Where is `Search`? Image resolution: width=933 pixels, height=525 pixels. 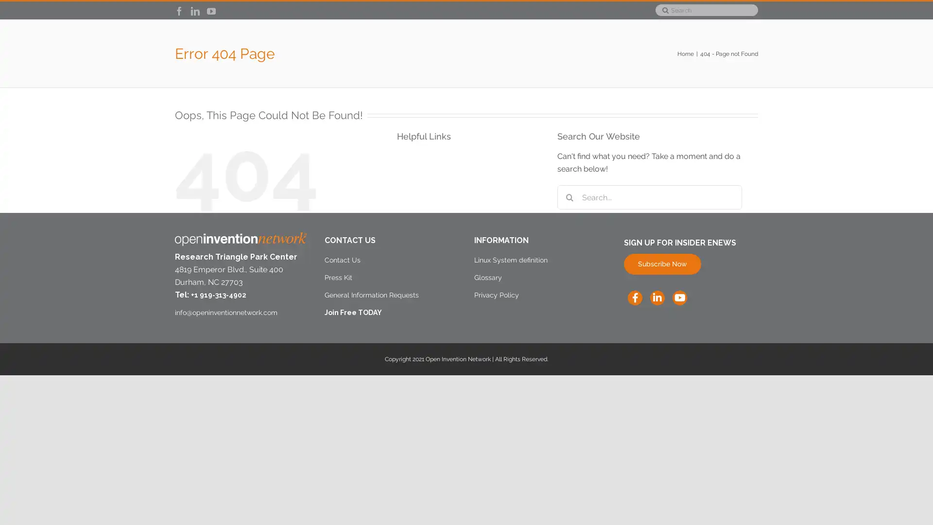
Search is located at coordinates (569, 241).